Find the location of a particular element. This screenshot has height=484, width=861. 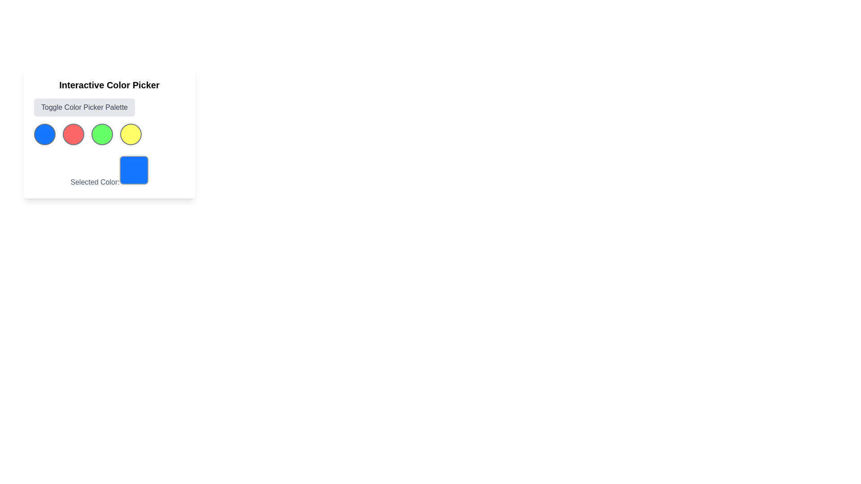

the circular red button with a gray border, which is the second button in a row of four color selection buttons is located at coordinates (73, 134).